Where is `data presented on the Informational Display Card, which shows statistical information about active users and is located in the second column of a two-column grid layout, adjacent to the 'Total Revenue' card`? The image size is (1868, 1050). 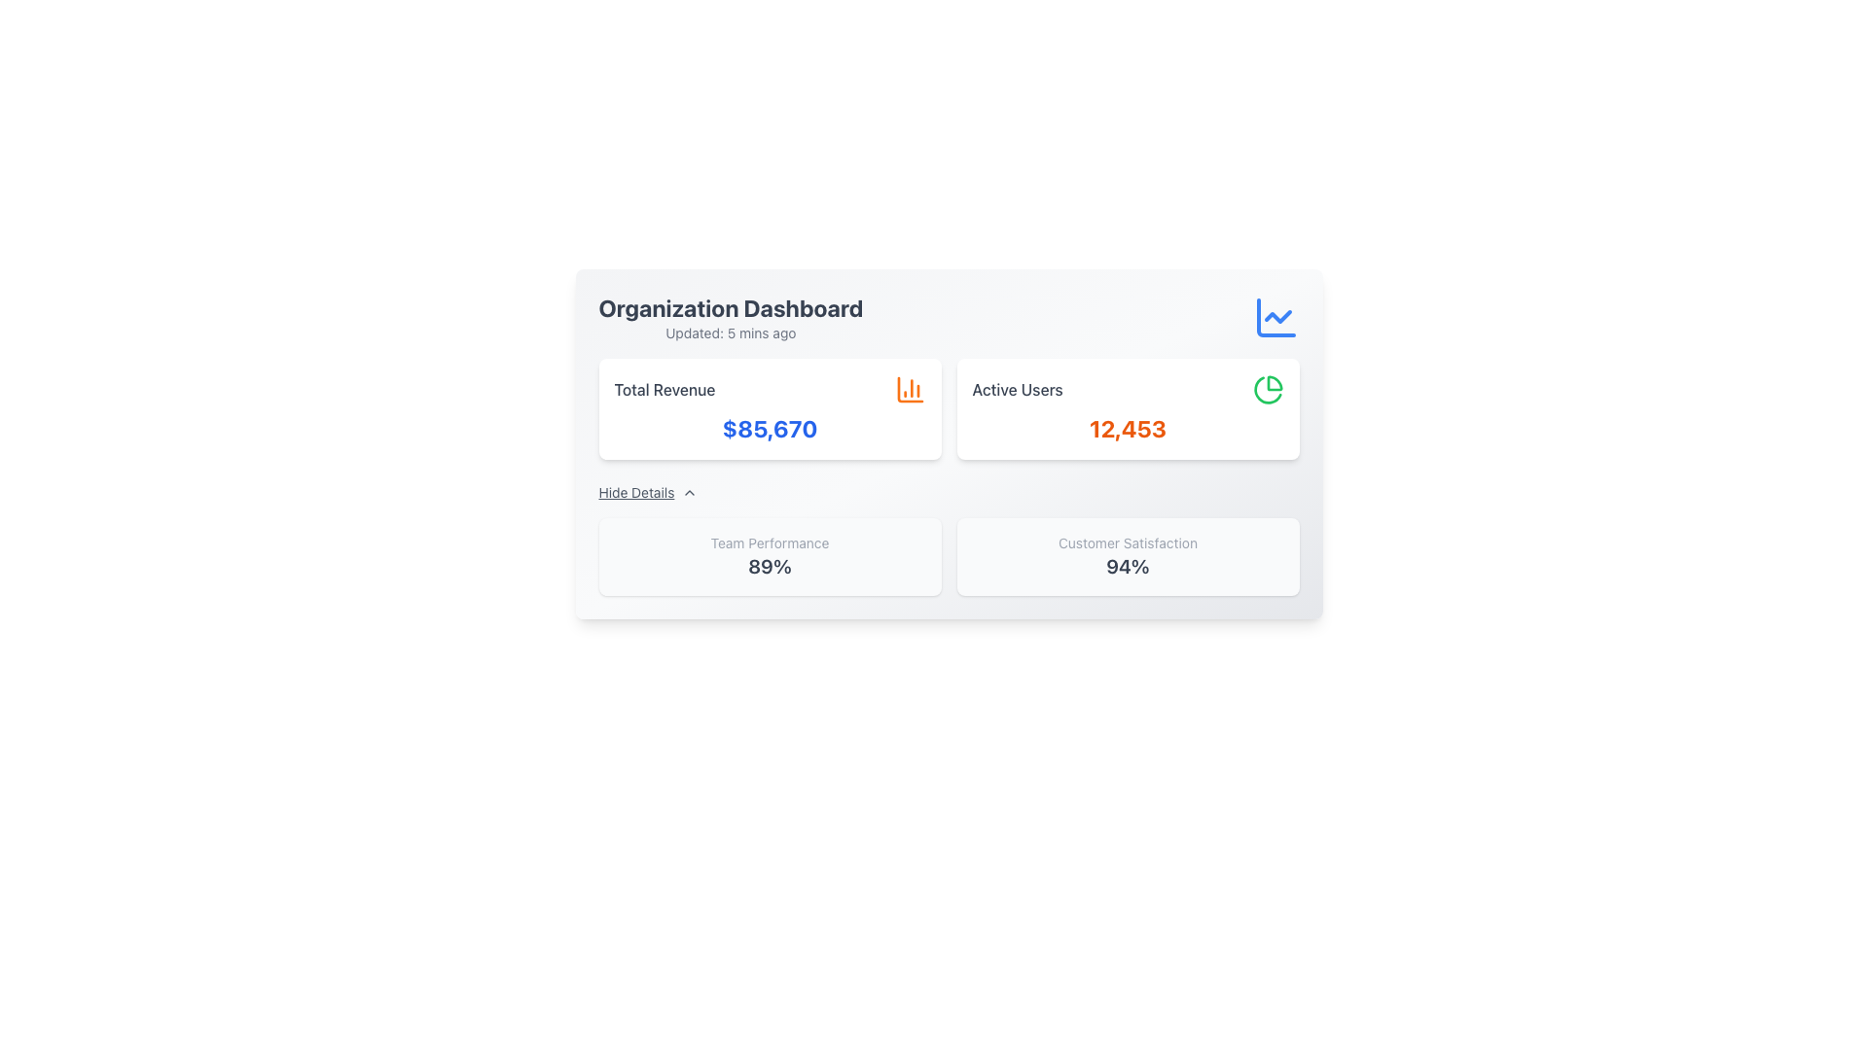 data presented on the Informational Display Card, which shows statistical information about active users and is located in the second column of a two-column grid layout, adjacent to the 'Total Revenue' card is located at coordinates (1128, 407).